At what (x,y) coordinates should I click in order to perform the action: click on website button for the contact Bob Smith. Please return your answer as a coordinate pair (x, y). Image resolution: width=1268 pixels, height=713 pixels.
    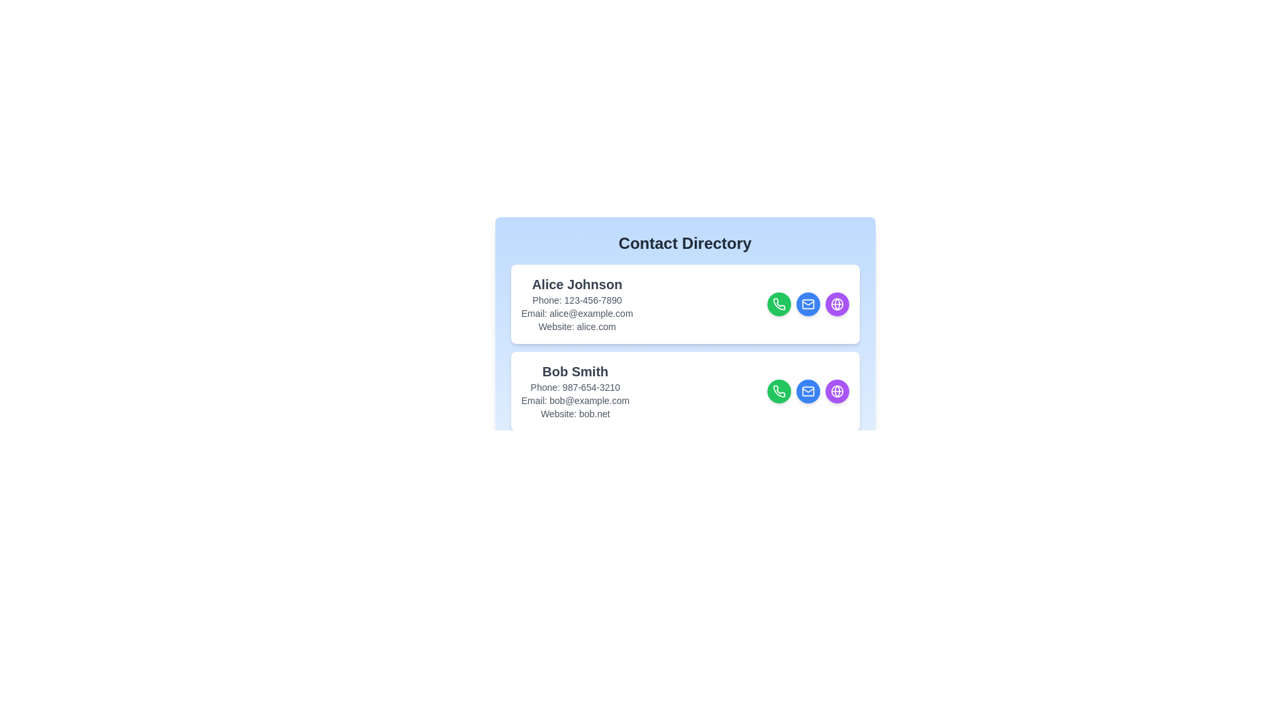
    Looking at the image, I should click on (836, 413).